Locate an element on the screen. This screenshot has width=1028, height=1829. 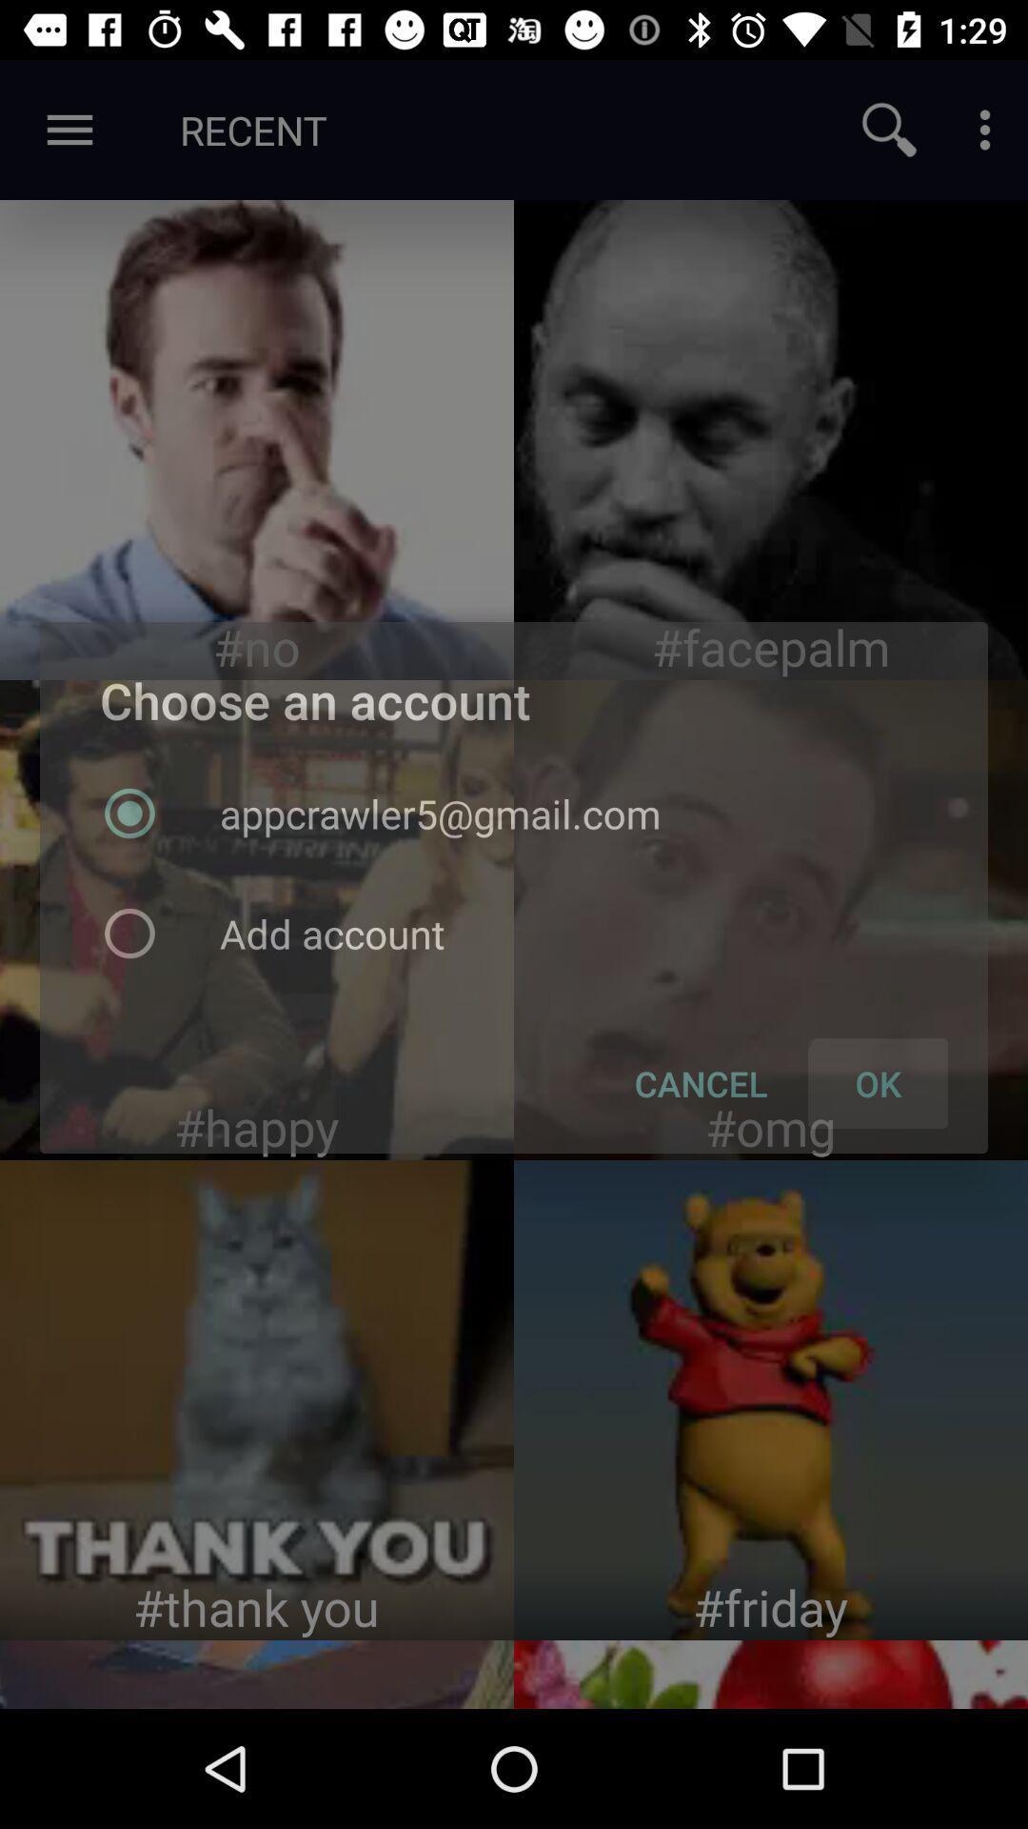
change zoom level is located at coordinates (889, 129).